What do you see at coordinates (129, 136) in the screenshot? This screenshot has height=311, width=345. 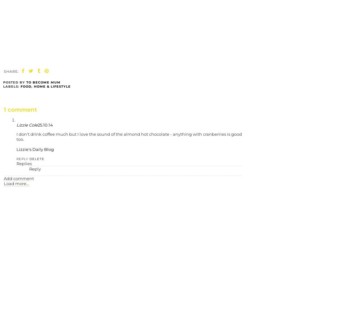 I see `'I don't drink coffee much but I love the sound of the almond hot chocolate - anything with cranberries is good too.'` at bounding box center [129, 136].